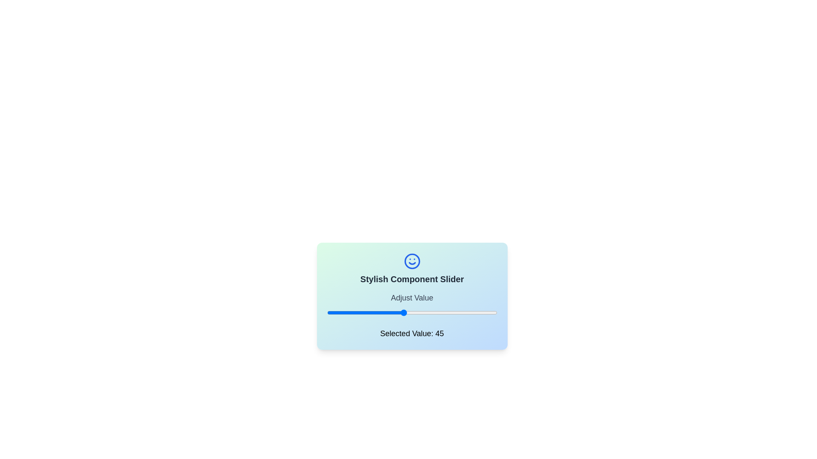  Describe the element at coordinates (487, 313) in the screenshot. I see `the slider to set its value to 94` at that location.